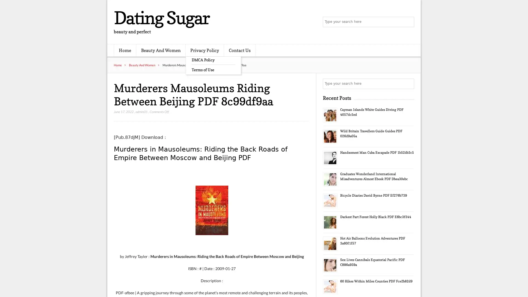 The width and height of the screenshot is (528, 297). What do you see at coordinates (408, 84) in the screenshot?
I see `Search` at bounding box center [408, 84].